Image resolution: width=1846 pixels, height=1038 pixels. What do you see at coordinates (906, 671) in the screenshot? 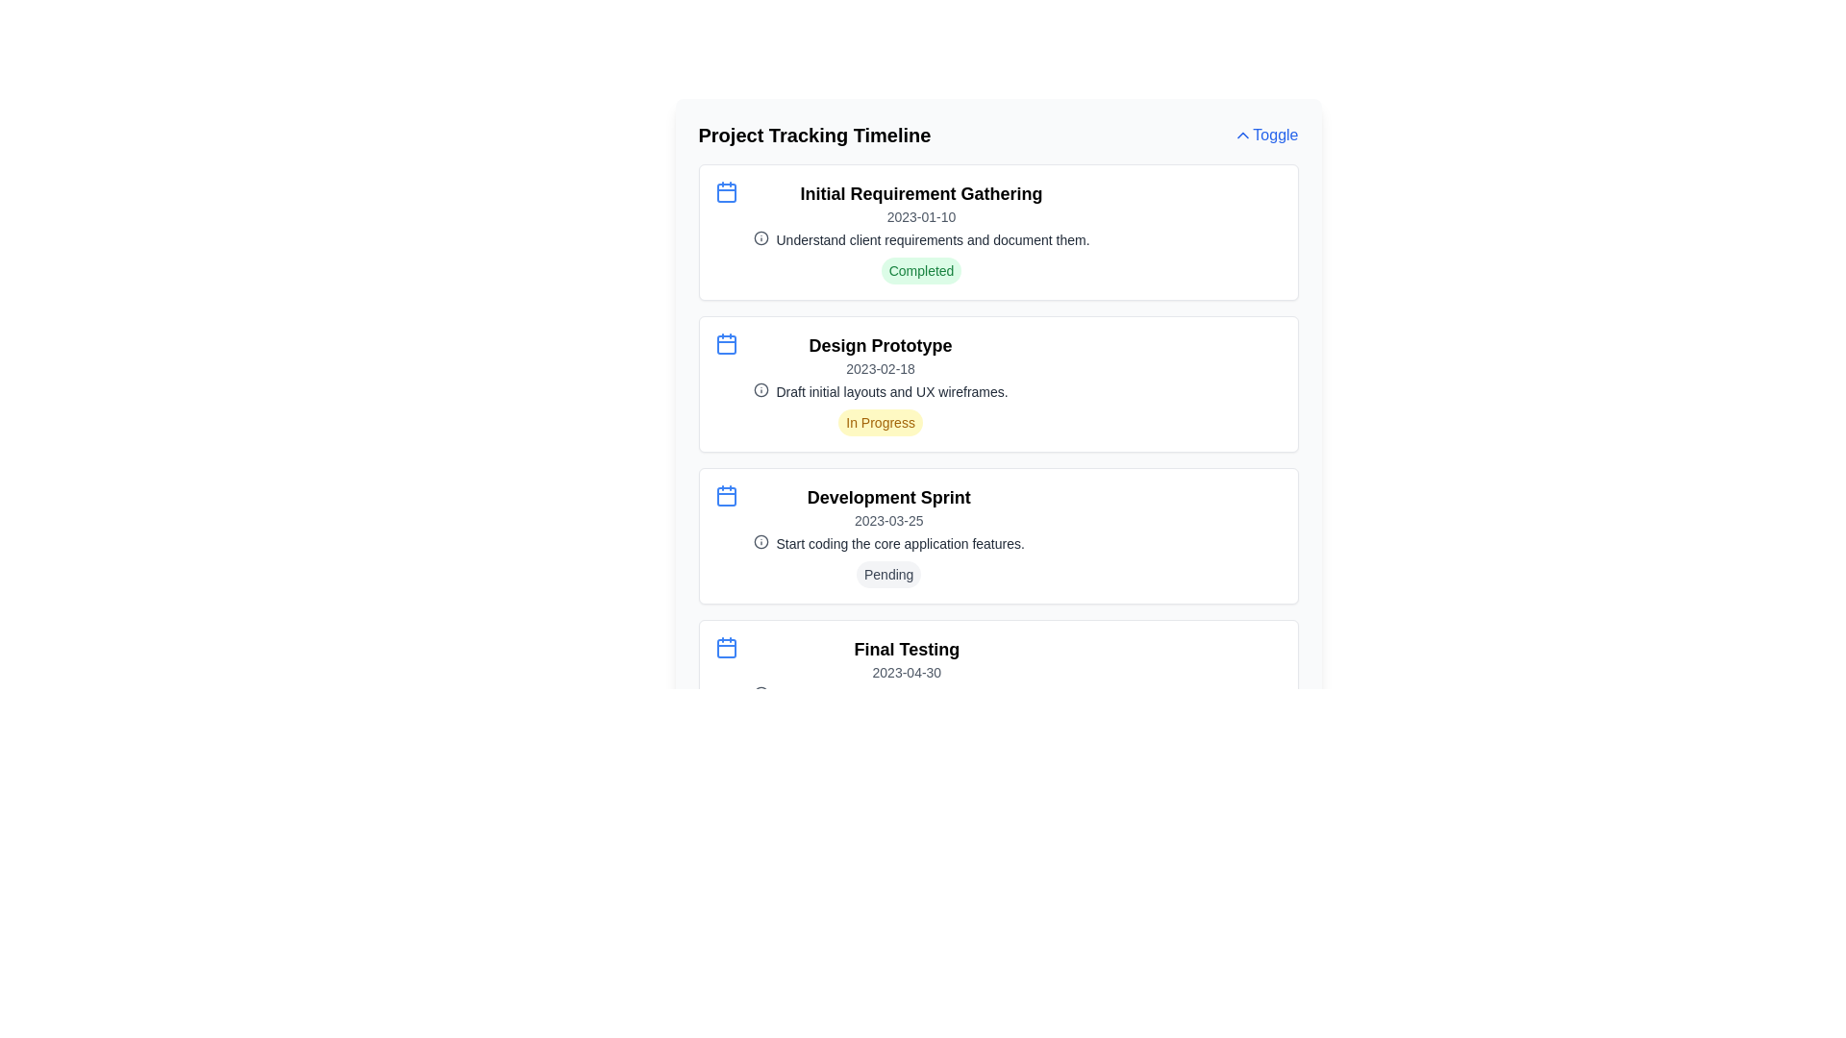
I see `the content displayed in the static text label reading '2023-04-30', which is styled in gray and positioned below the 'Final Testing' text` at bounding box center [906, 671].